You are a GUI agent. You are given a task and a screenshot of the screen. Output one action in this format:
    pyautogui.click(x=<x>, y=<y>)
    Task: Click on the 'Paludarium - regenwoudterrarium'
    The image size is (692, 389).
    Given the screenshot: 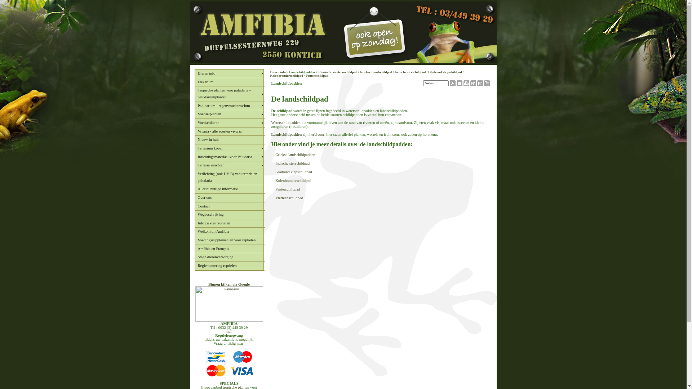 What is the action you would take?
    pyautogui.click(x=229, y=106)
    